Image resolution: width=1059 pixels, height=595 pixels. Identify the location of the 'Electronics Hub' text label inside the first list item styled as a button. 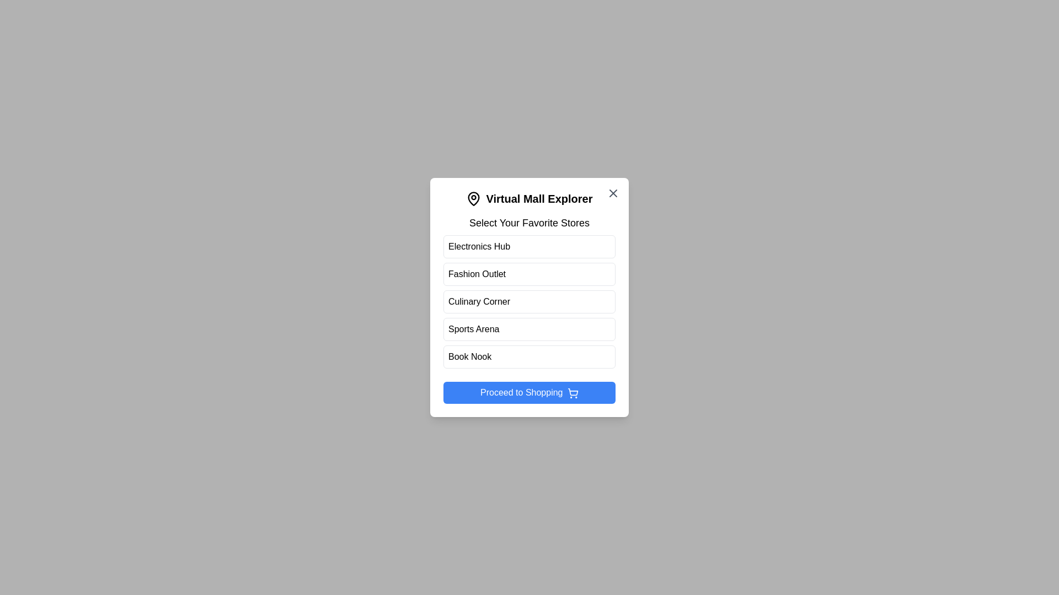
(479, 246).